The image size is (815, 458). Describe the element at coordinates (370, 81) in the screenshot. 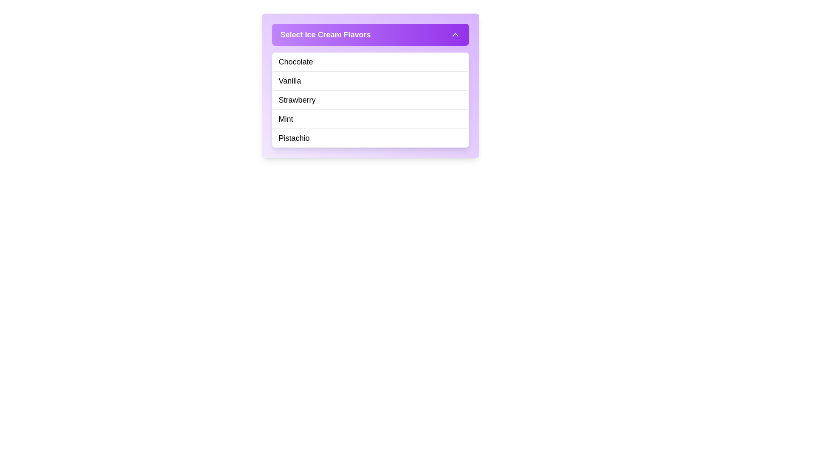

I see `the 'Vanilla' flavor option in the dropdown menu located below 'Chocolate' and above 'Strawberry' in the menu labeled 'Select Ice Cream Flavors.'` at that location.